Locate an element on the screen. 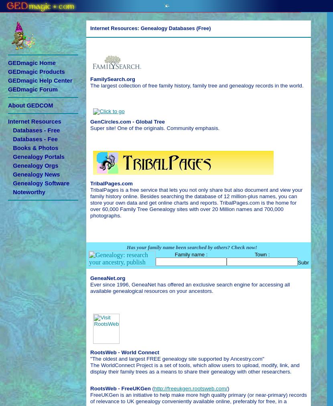 This screenshot has height=406, width=333. ')' is located at coordinates (227, 388).